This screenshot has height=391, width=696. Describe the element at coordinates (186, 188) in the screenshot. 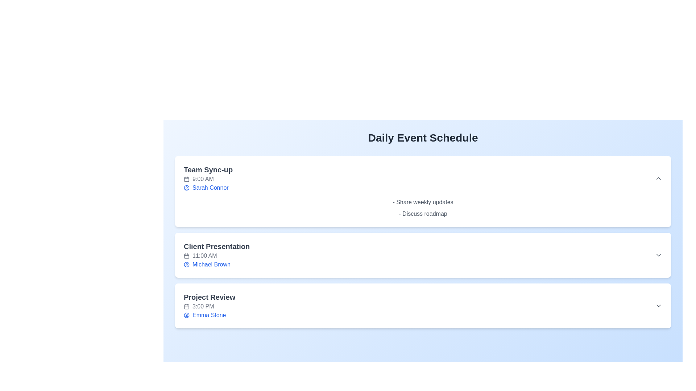

I see `the circular user avatar icon representing 'Sarah Connor' located in the 'Team Sync-up' block of the schedule interface` at that location.